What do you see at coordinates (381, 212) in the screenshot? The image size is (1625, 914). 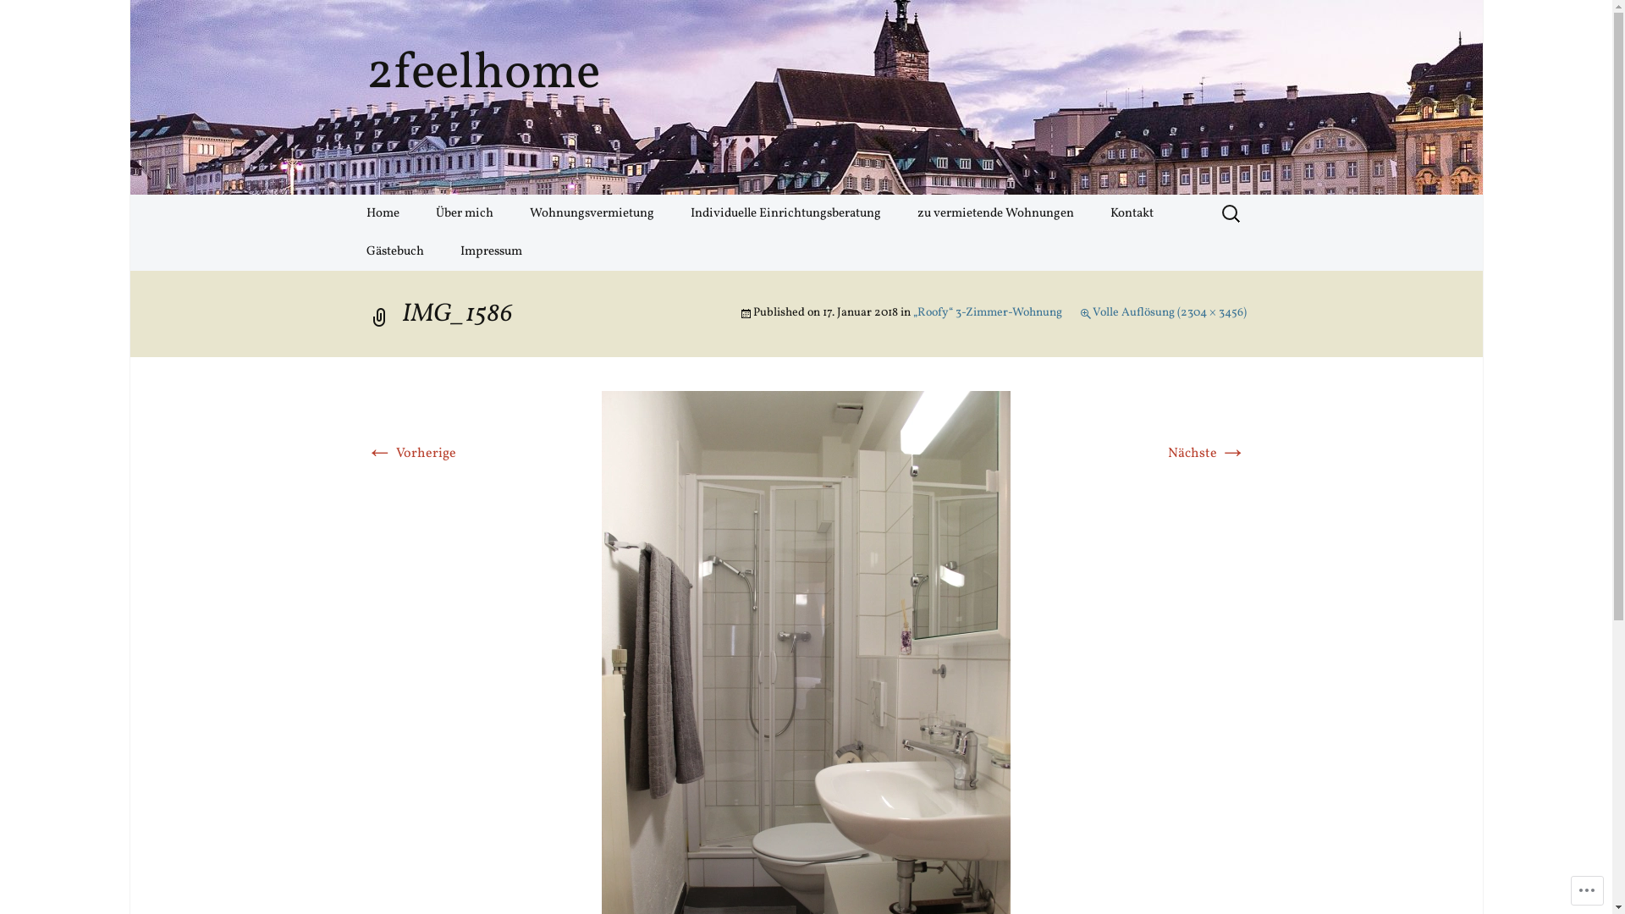 I see `'Home'` at bounding box center [381, 212].